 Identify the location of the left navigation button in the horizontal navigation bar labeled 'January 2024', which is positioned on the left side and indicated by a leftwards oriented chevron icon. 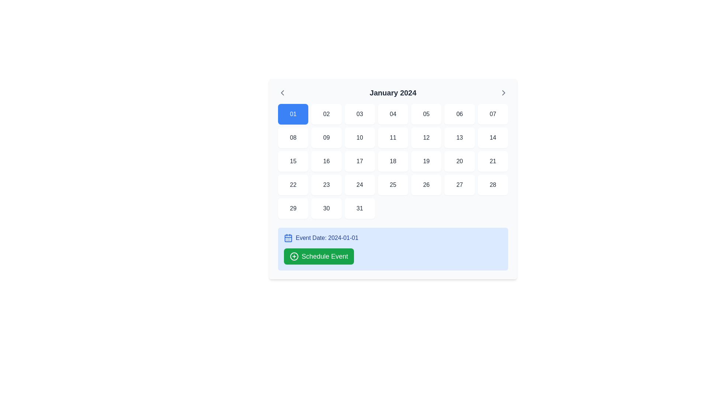
(282, 92).